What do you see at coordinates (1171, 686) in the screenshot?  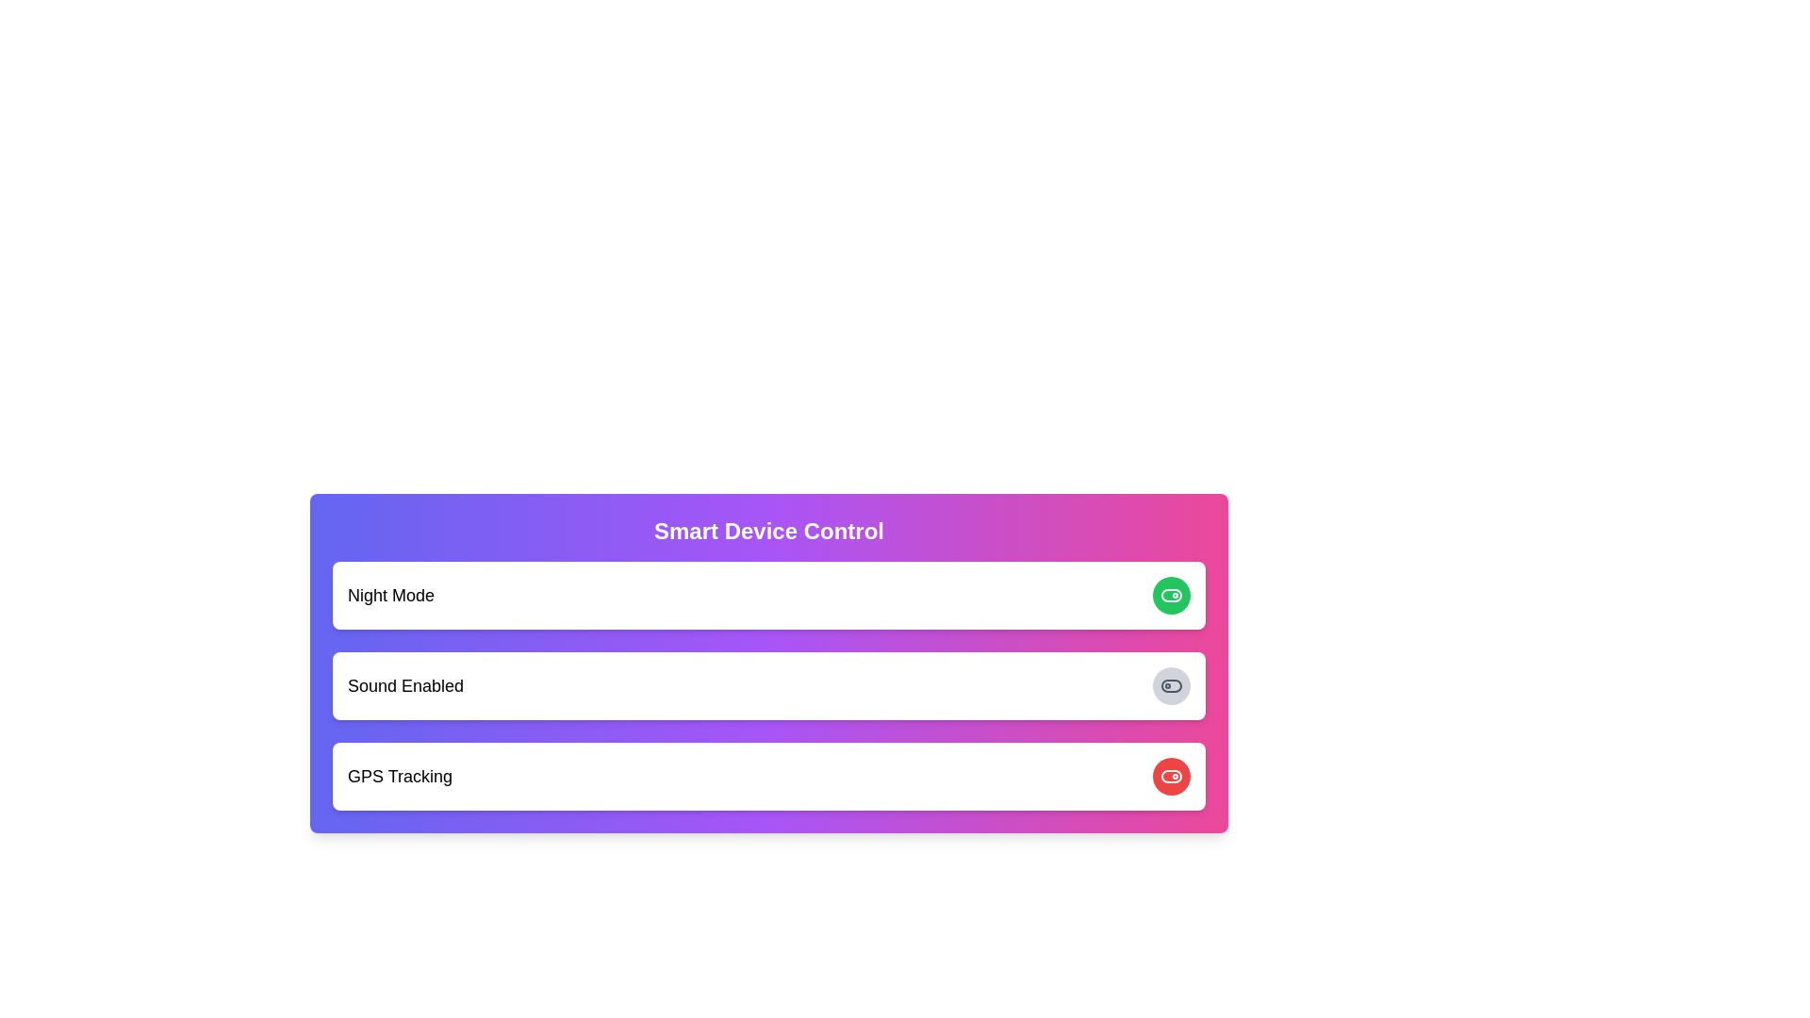 I see `the toggle switch for the 'Sound Enabled' feature located in the second item of the list` at bounding box center [1171, 686].